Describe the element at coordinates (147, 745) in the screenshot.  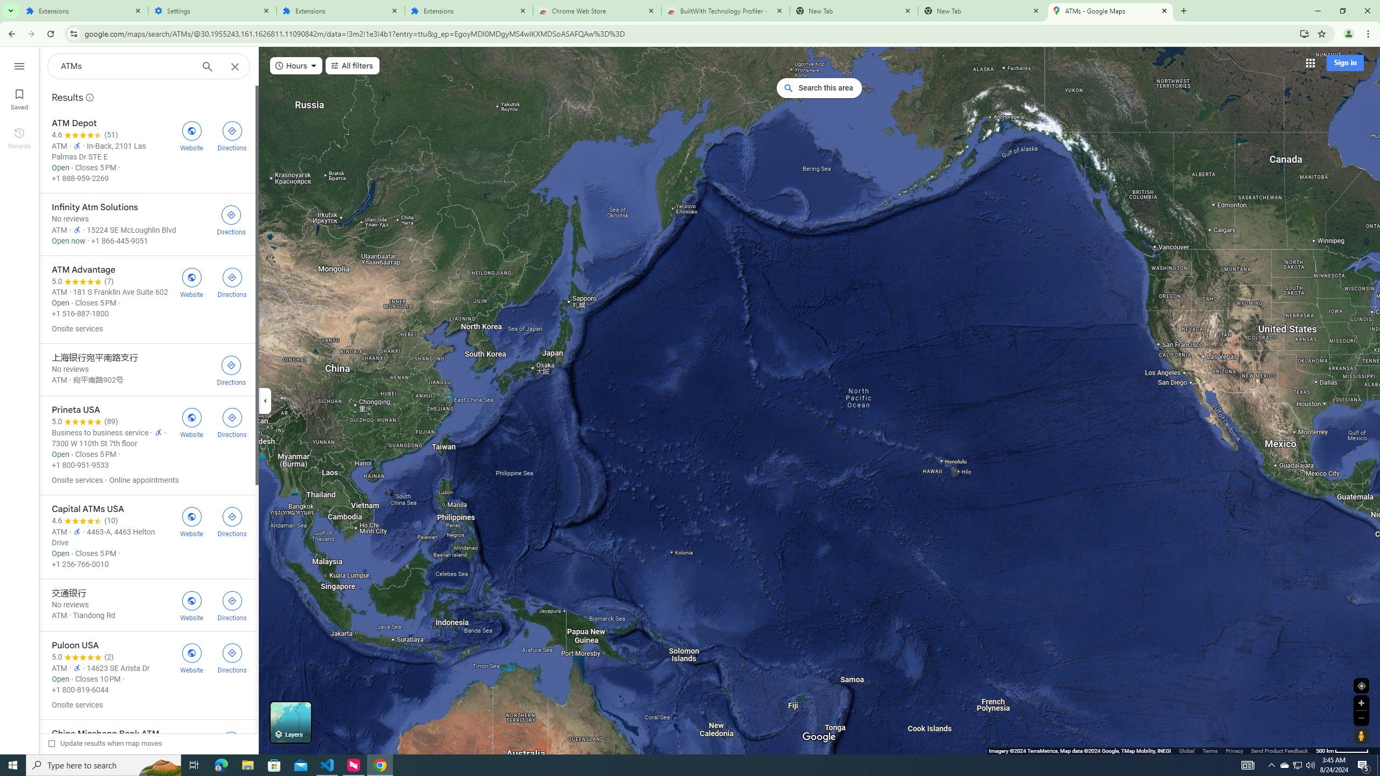
I see `'China Minsheng Bank ATM'` at that location.